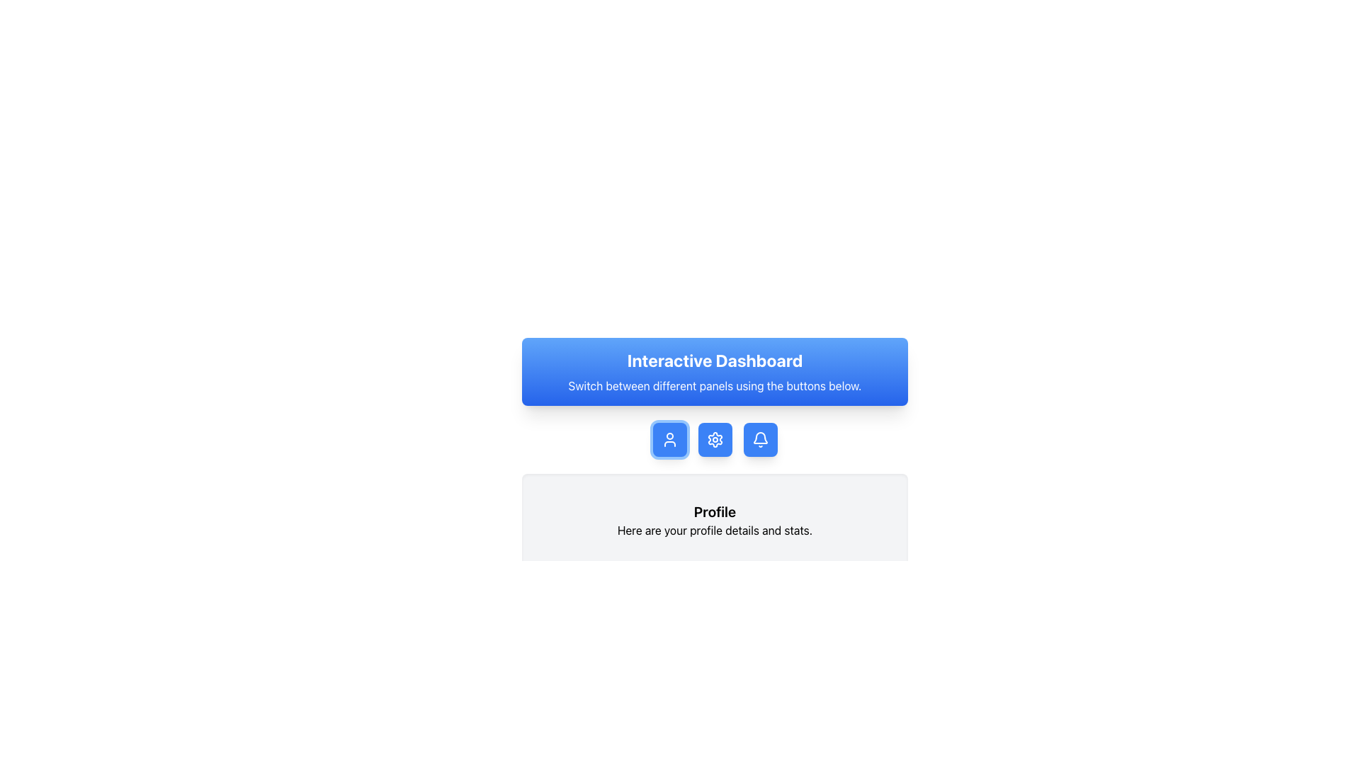 The image size is (1360, 765). I want to click on the blue notification button with a bell icon, so click(759, 439).